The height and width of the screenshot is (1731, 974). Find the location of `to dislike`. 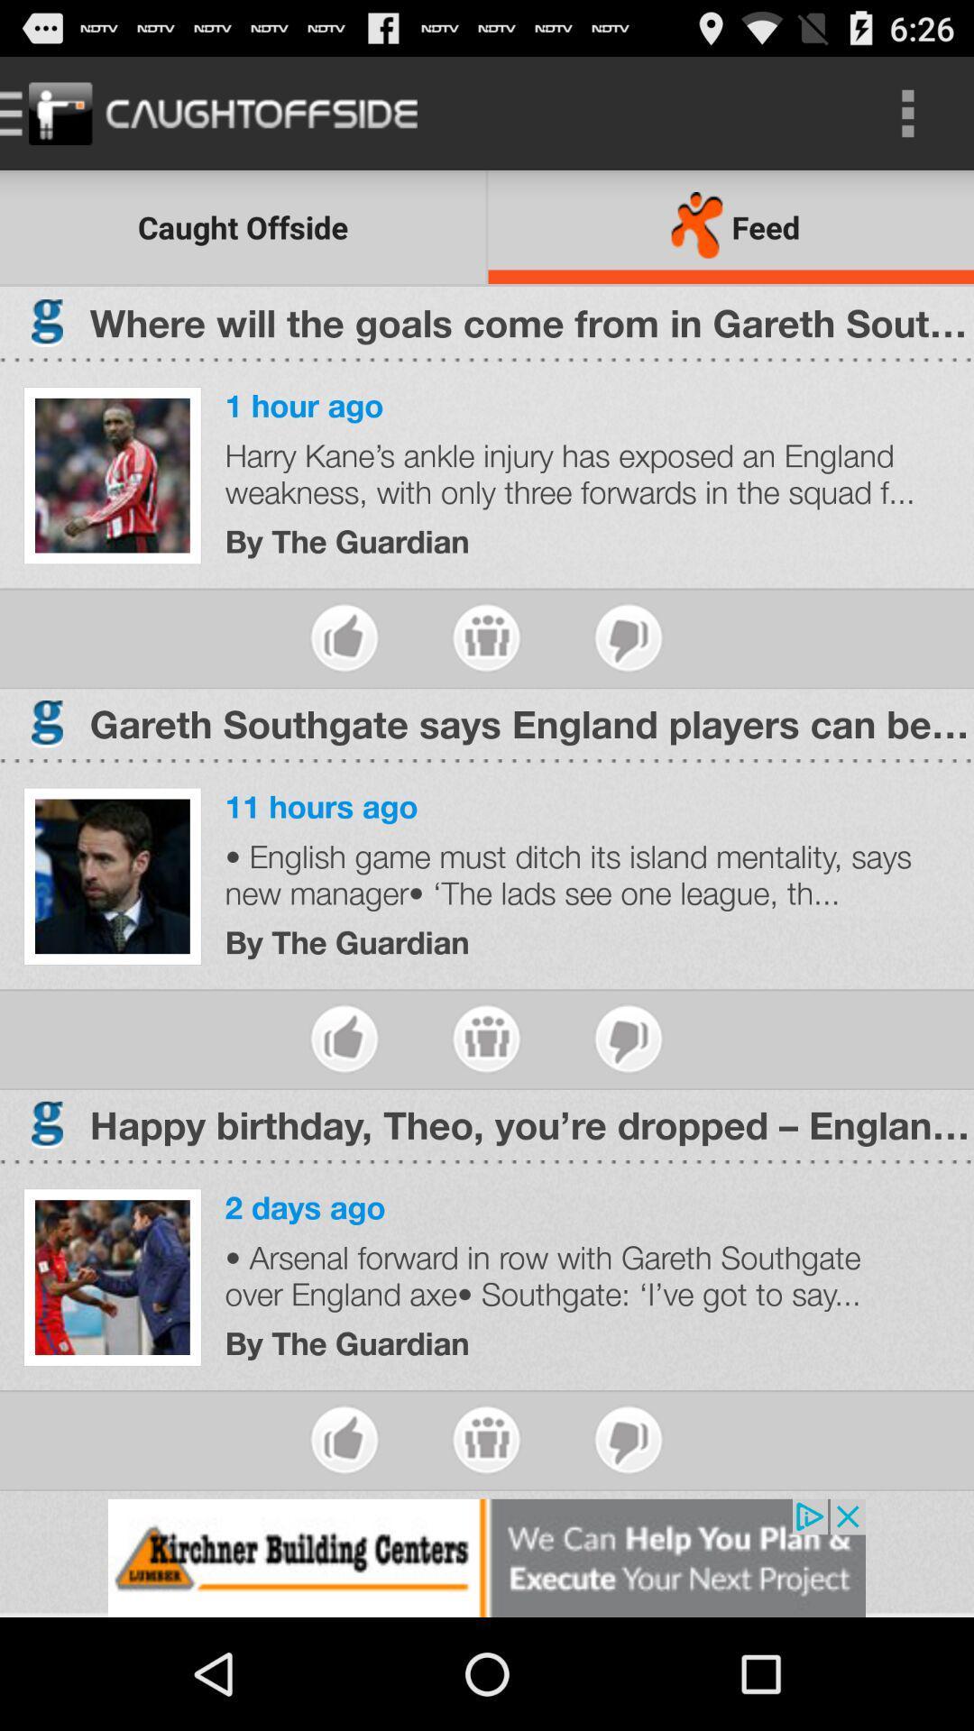

to dislike is located at coordinates (628, 637).